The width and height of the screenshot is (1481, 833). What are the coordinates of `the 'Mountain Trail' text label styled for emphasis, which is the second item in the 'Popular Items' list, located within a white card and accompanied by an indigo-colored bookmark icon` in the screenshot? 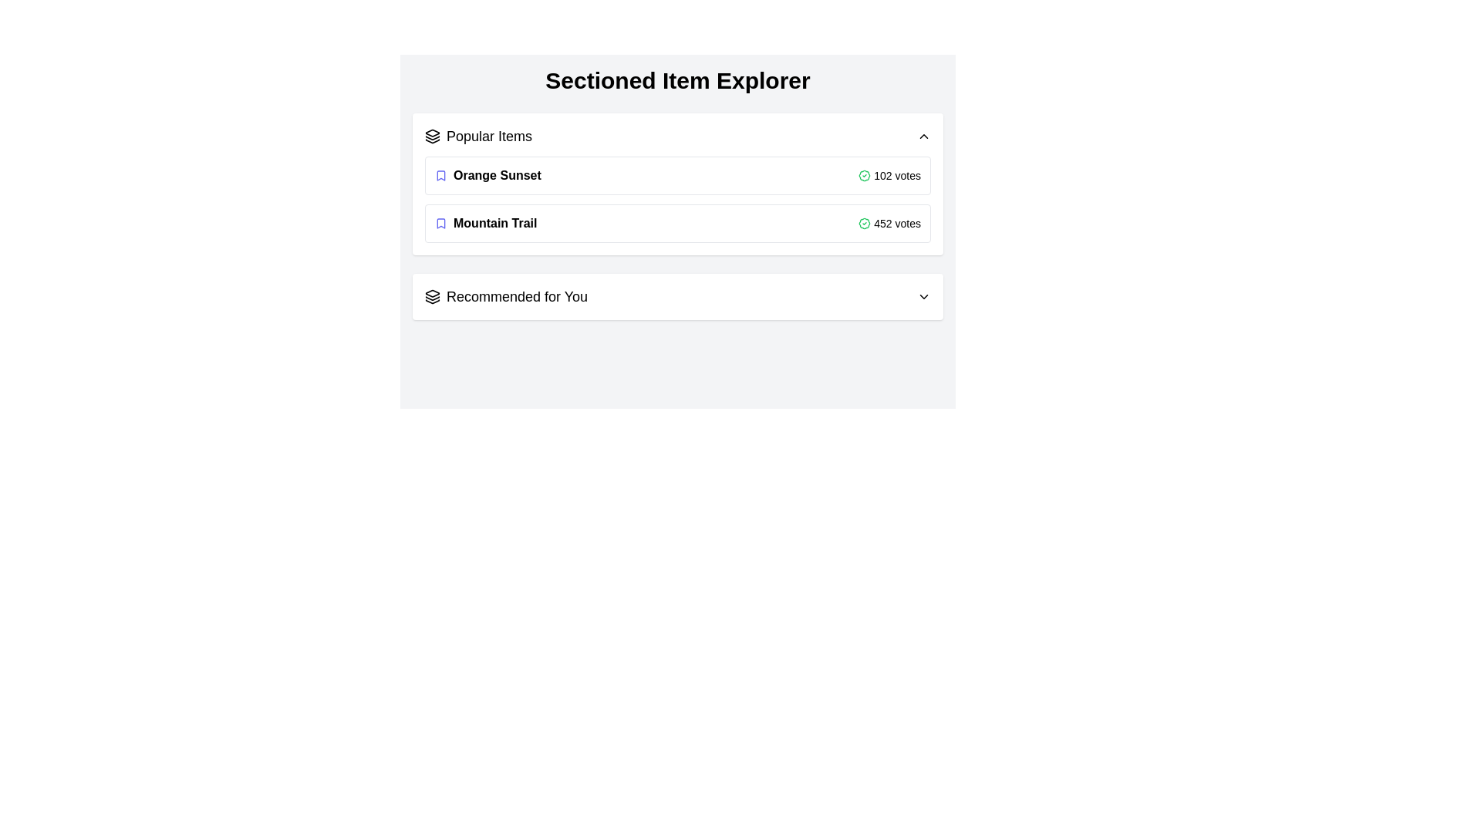 It's located at (495, 223).